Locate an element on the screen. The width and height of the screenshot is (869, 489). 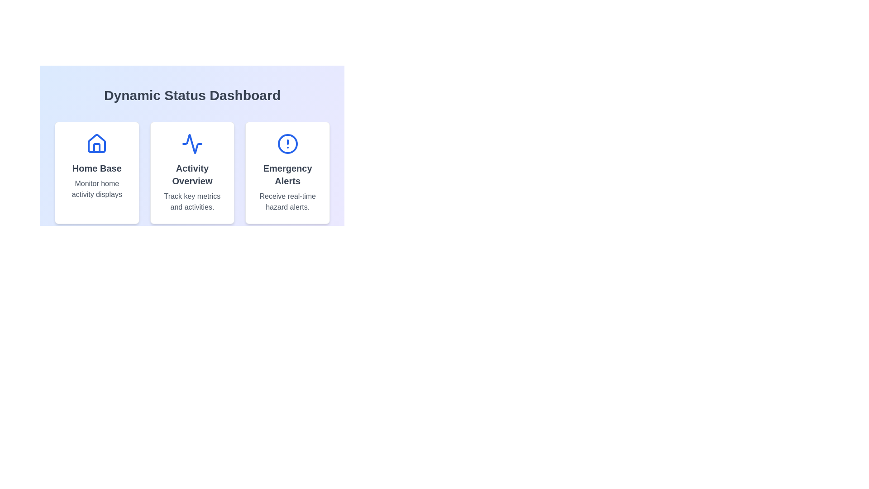
the static text label titled 'Activity Overview', which is styled prominently with a larger bold font and gray color, located in the middle card of three horizontal cards is located at coordinates (191, 174).